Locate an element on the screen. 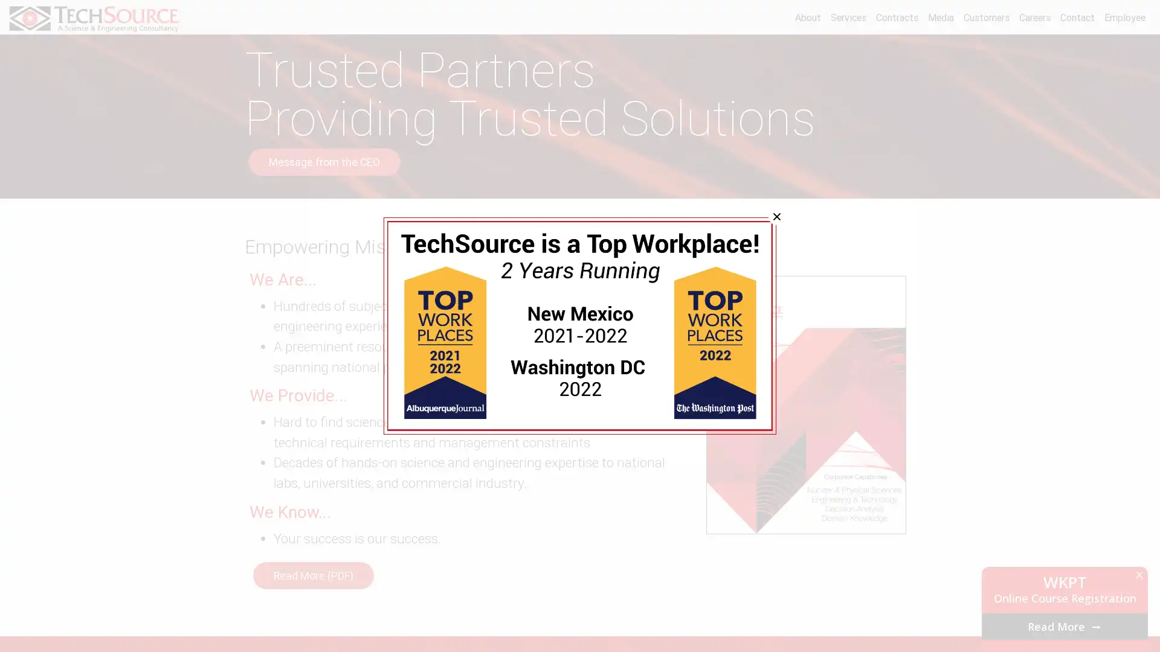  Close is located at coordinates (1139, 574).